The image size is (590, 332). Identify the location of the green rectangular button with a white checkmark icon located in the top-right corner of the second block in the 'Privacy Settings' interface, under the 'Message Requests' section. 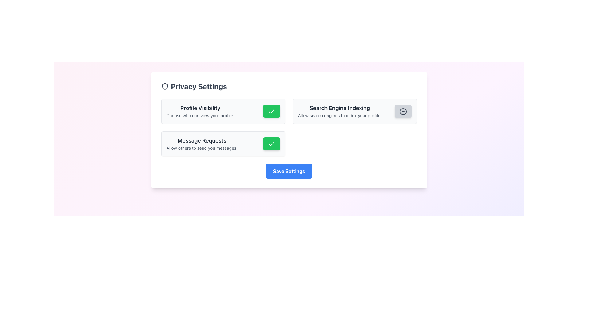
(271, 144).